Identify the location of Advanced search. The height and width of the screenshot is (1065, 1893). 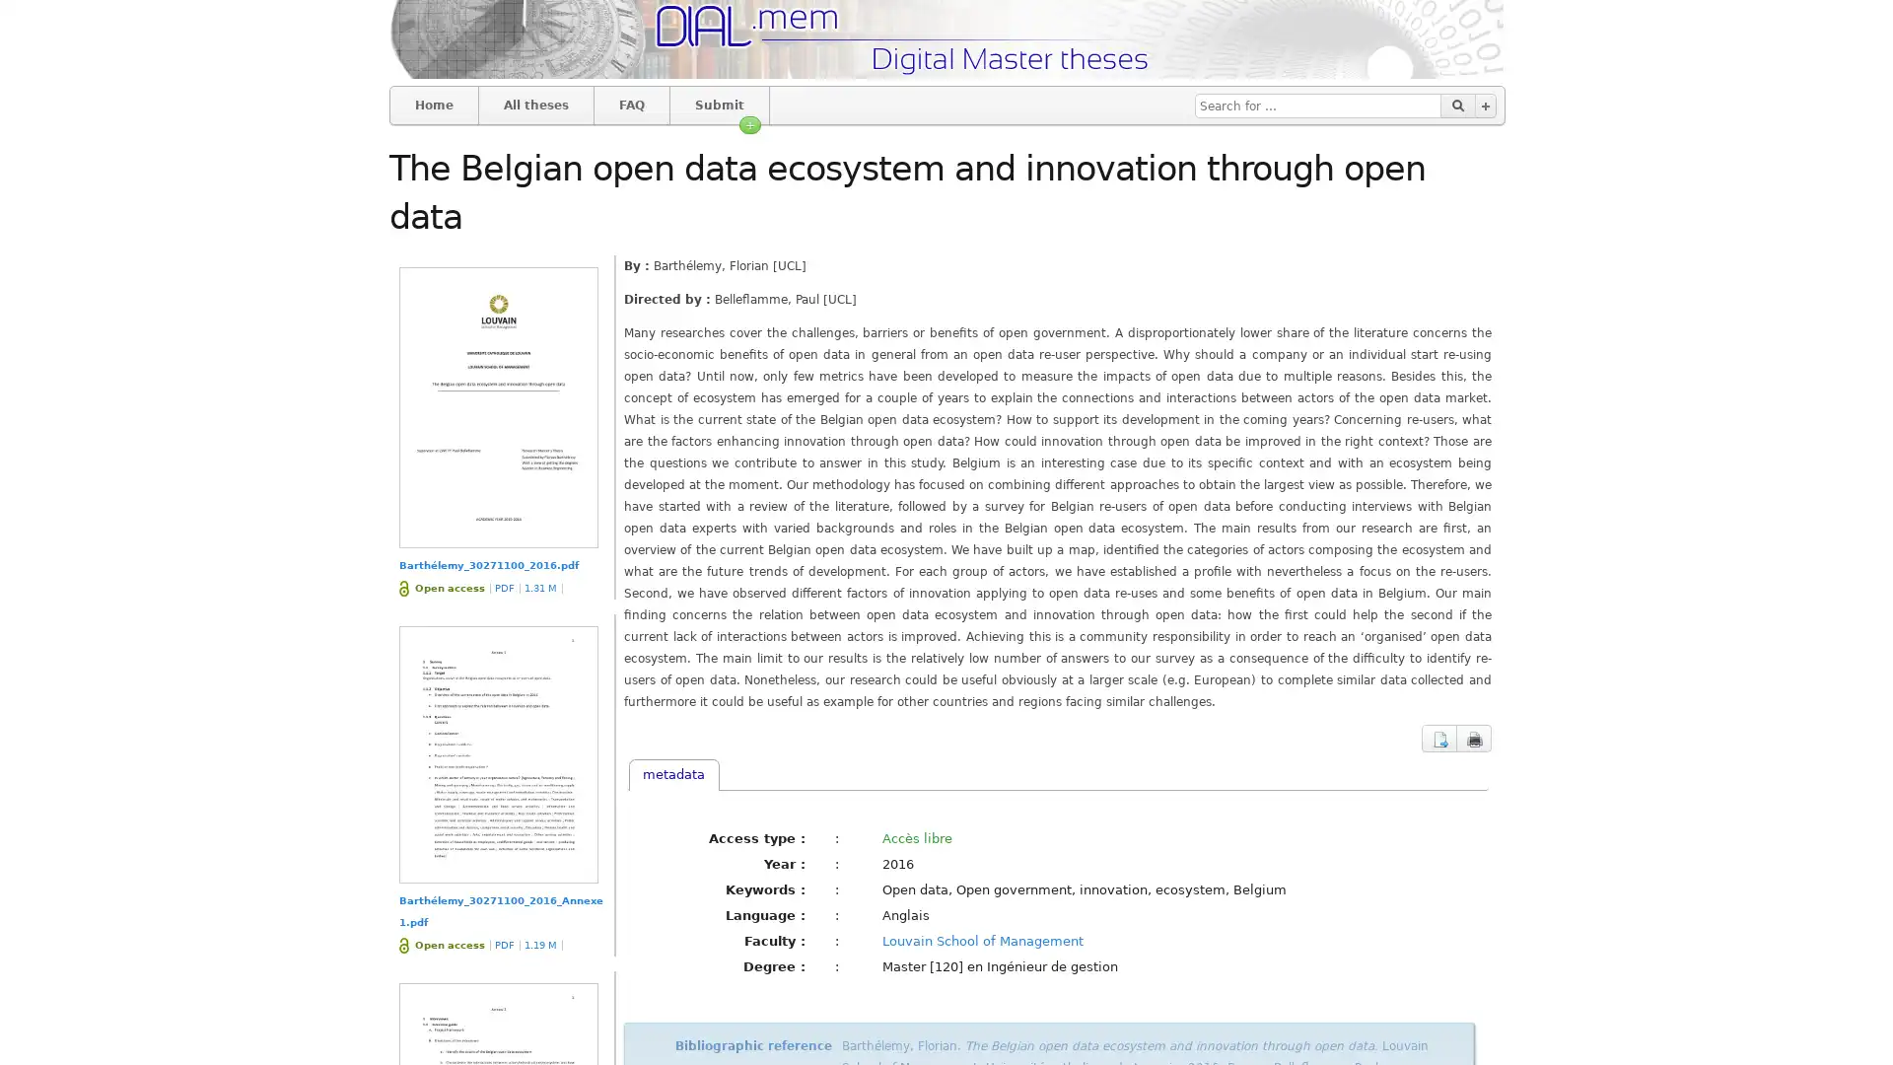
(1485, 106).